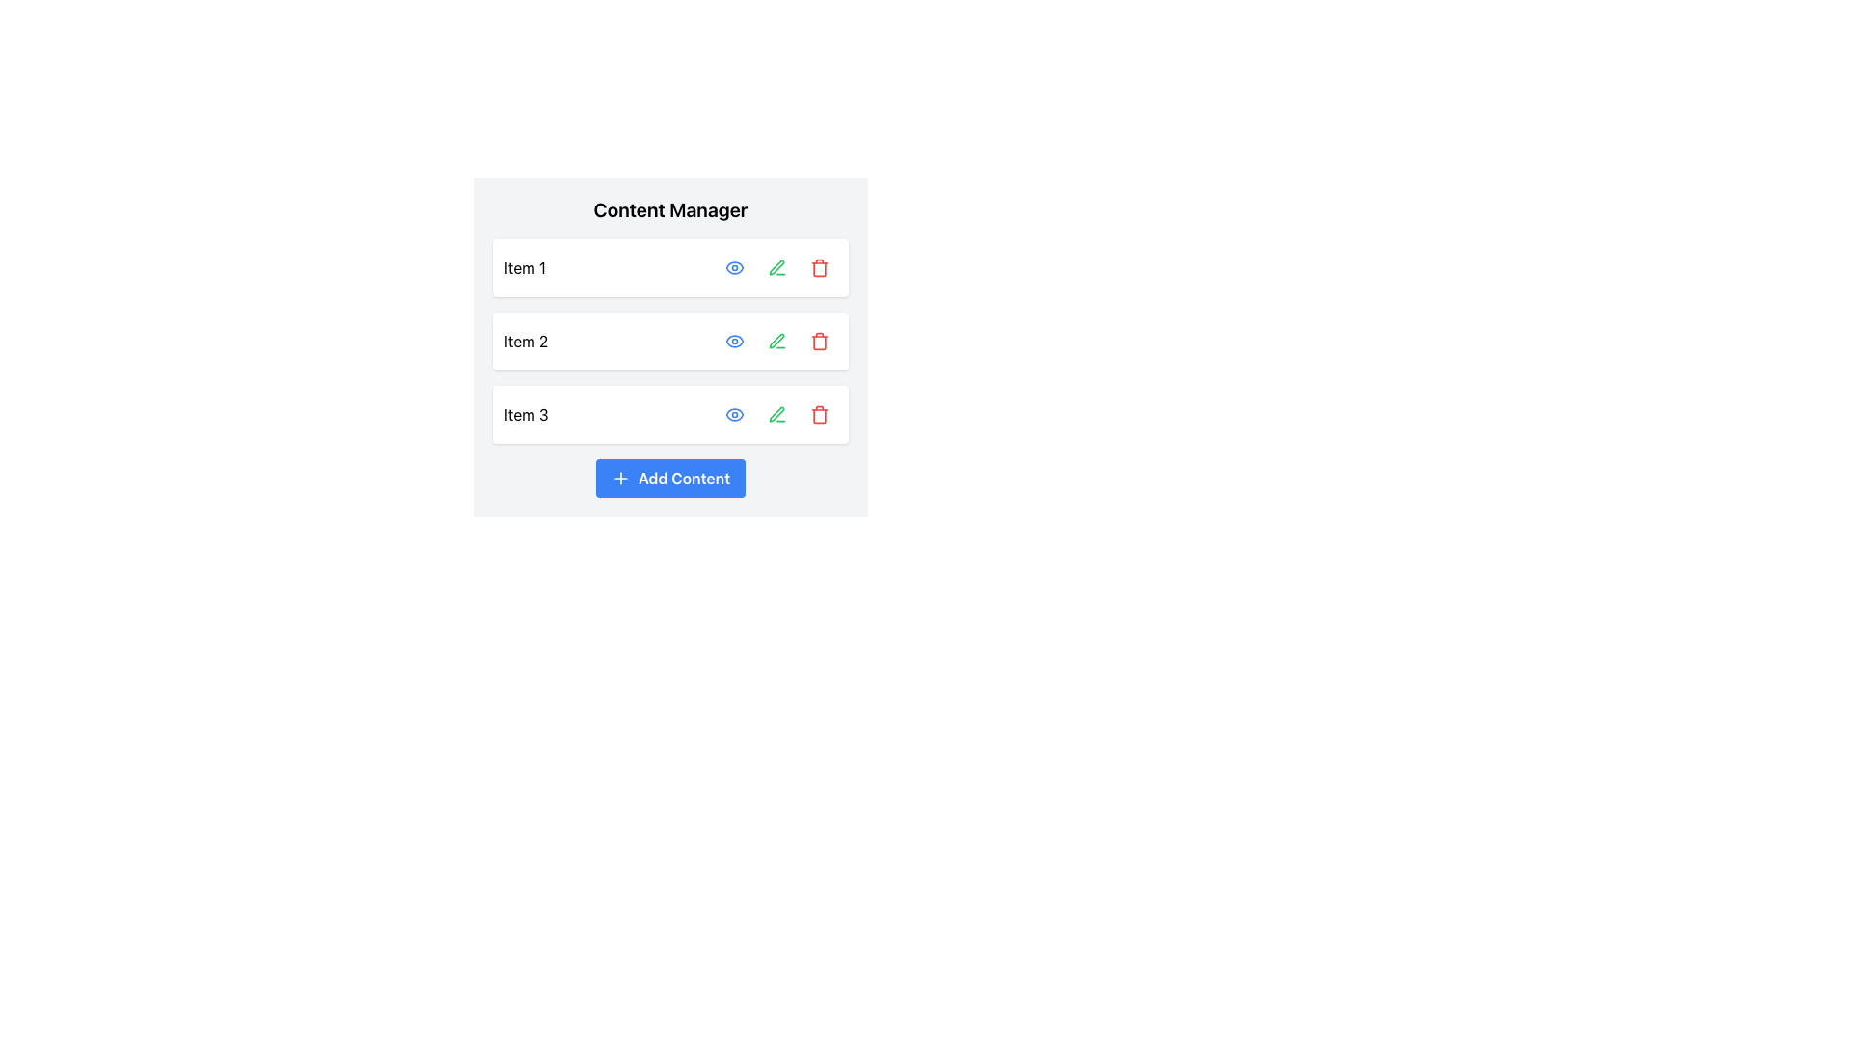 The image size is (1852, 1042). What do you see at coordinates (734, 267) in the screenshot?
I see `the eye icon button, which is styled with a blue outline and located in the first row of the 'Content Manager' section` at bounding box center [734, 267].